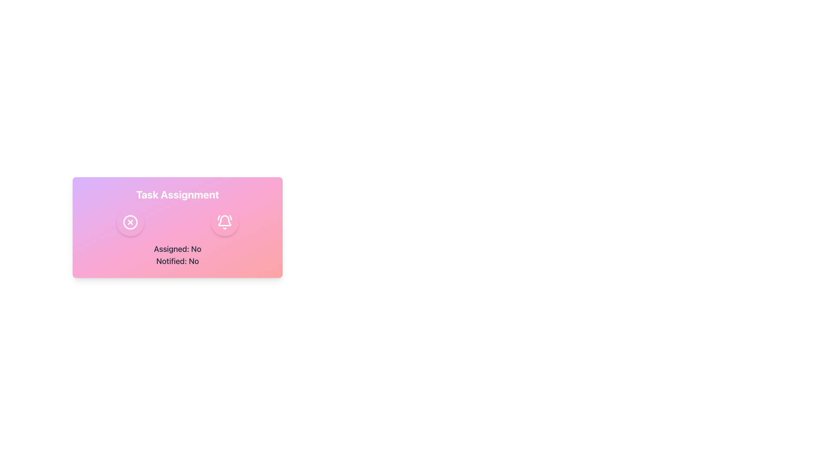  What do you see at coordinates (225, 220) in the screenshot?
I see `the notification icon located within the right circle near the 'Task Assignment' label` at bounding box center [225, 220].